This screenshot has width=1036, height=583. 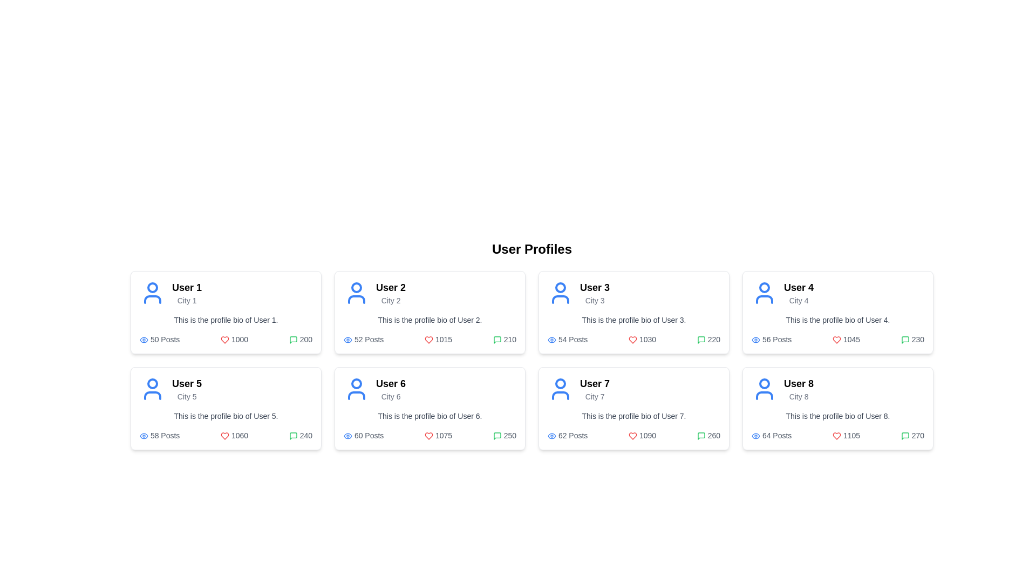 I want to click on the green-colored speech bubble icon located at the bottom right of User 8's card, beside the comment count '270', so click(x=905, y=436).